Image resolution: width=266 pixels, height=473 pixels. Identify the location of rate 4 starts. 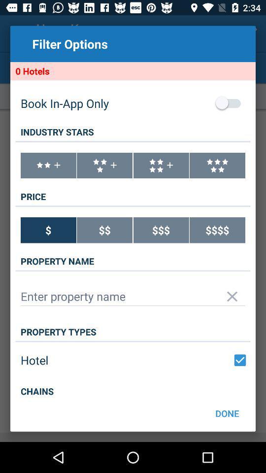
(161, 166).